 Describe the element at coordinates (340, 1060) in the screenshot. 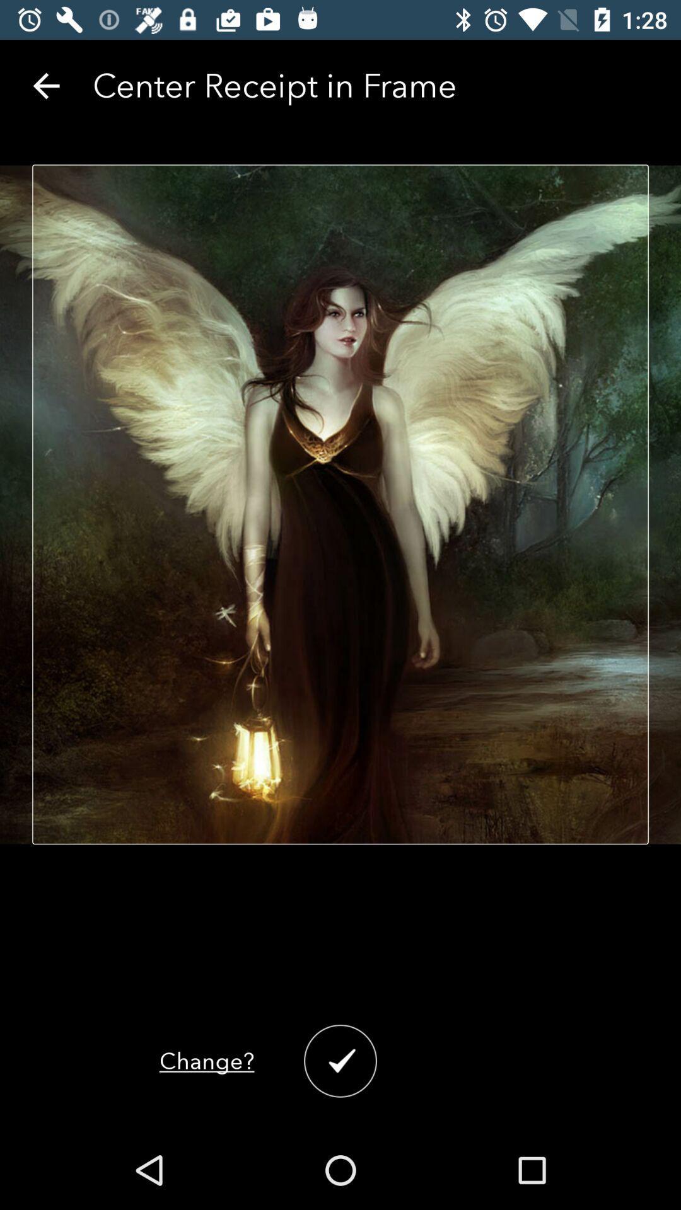

I see `icon next to change?` at that location.